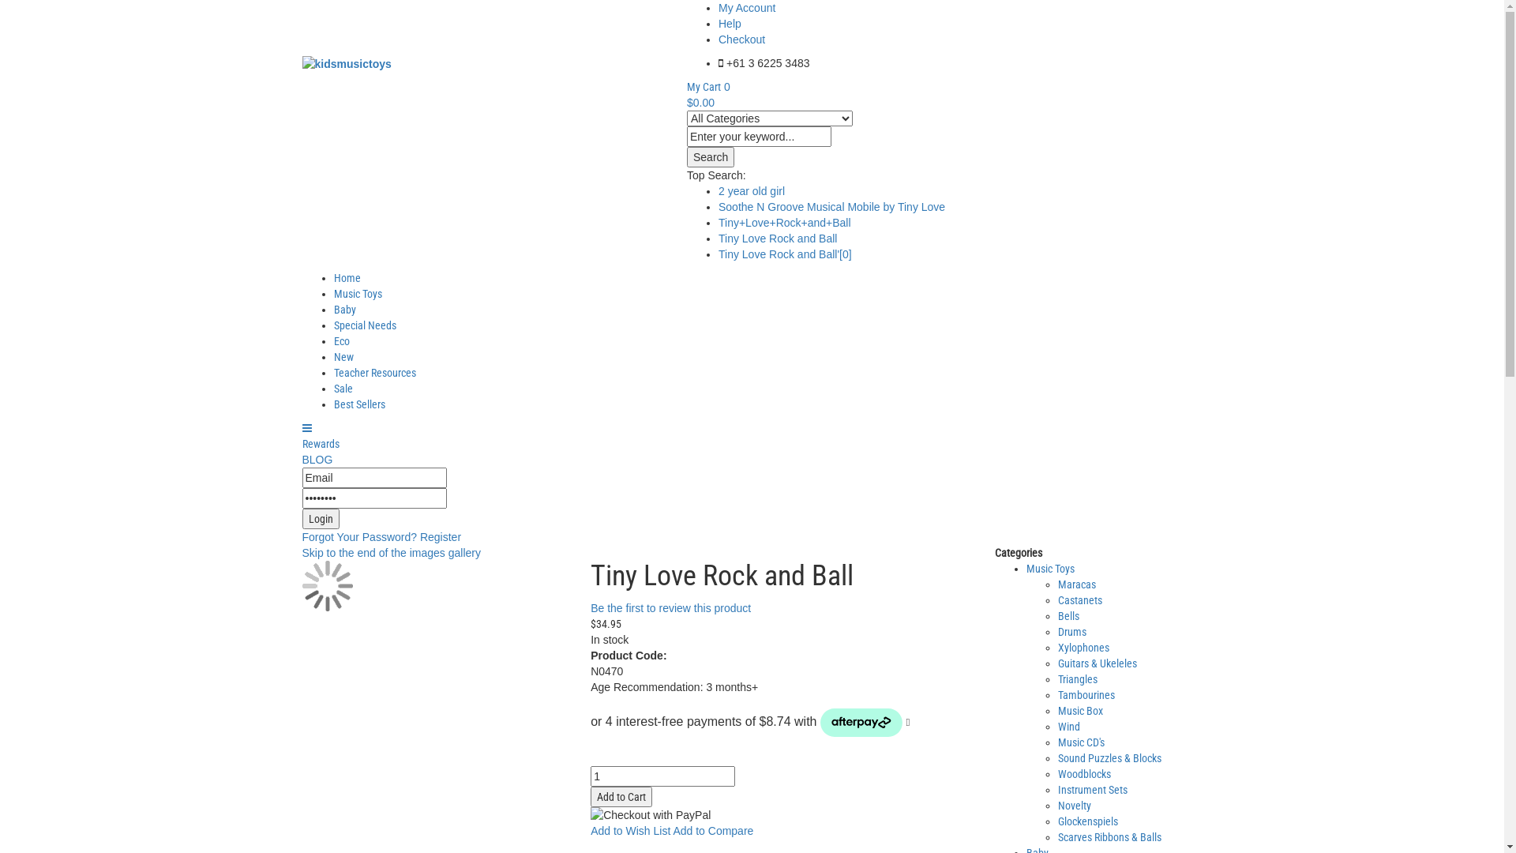 The height and width of the screenshot is (853, 1516). What do you see at coordinates (785, 253) in the screenshot?
I see `'Tiny Love Rock and Ball'[0]'` at bounding box center [785, 253].